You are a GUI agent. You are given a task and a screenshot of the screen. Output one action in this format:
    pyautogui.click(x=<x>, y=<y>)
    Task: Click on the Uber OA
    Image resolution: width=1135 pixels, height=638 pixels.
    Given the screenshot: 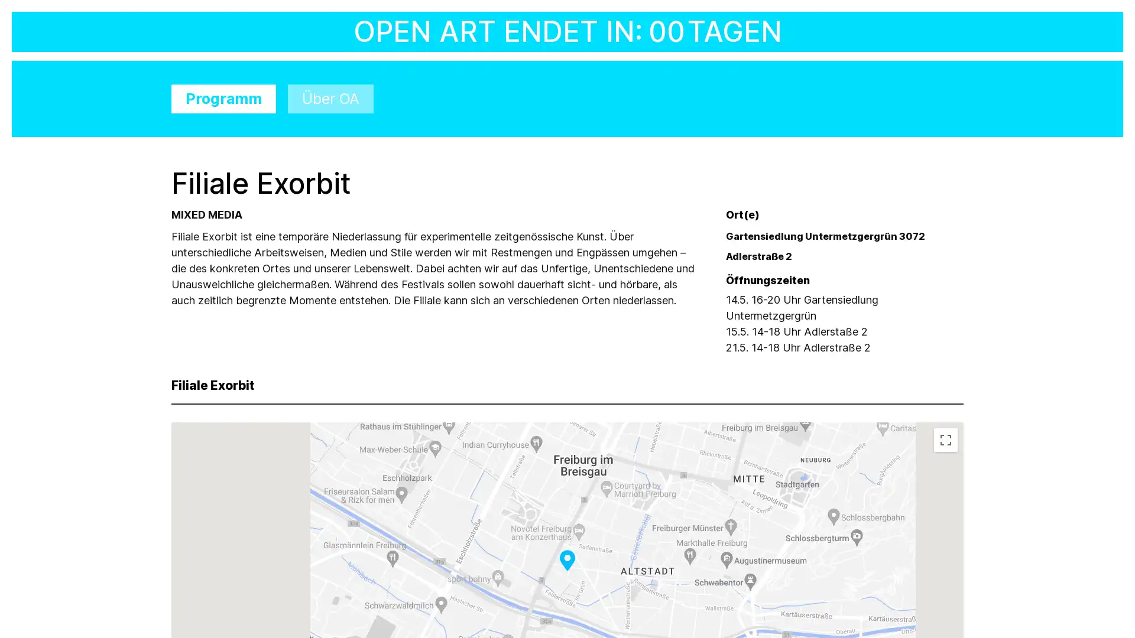 What is the action you would take?
    pyautogui.click(x=330, y=98)
    